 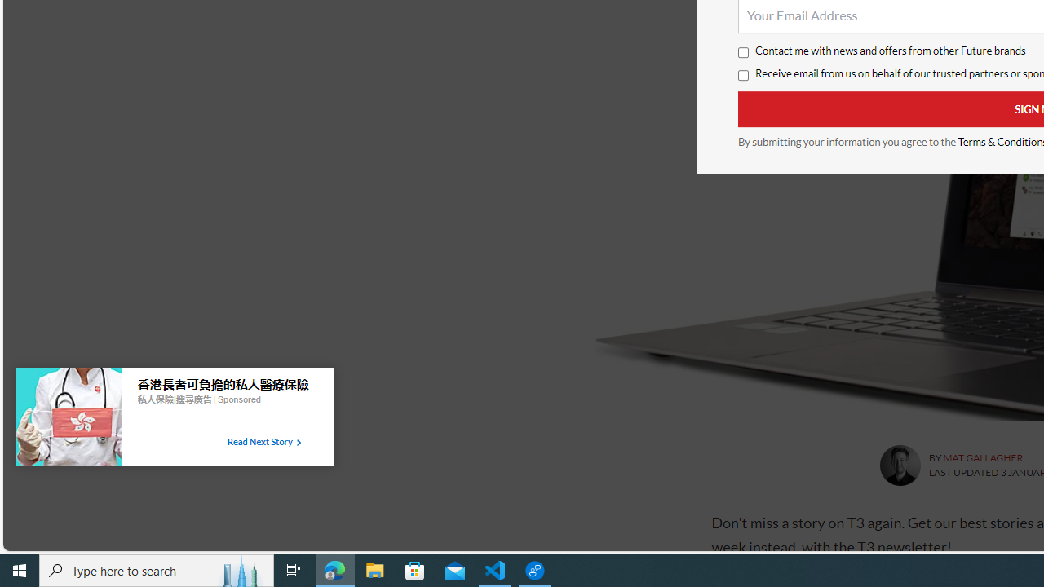 What do you see at coordinates (899, 466) in the screenshot?
I see `'Mat Gallagher'` at bounding box center [899, 466].